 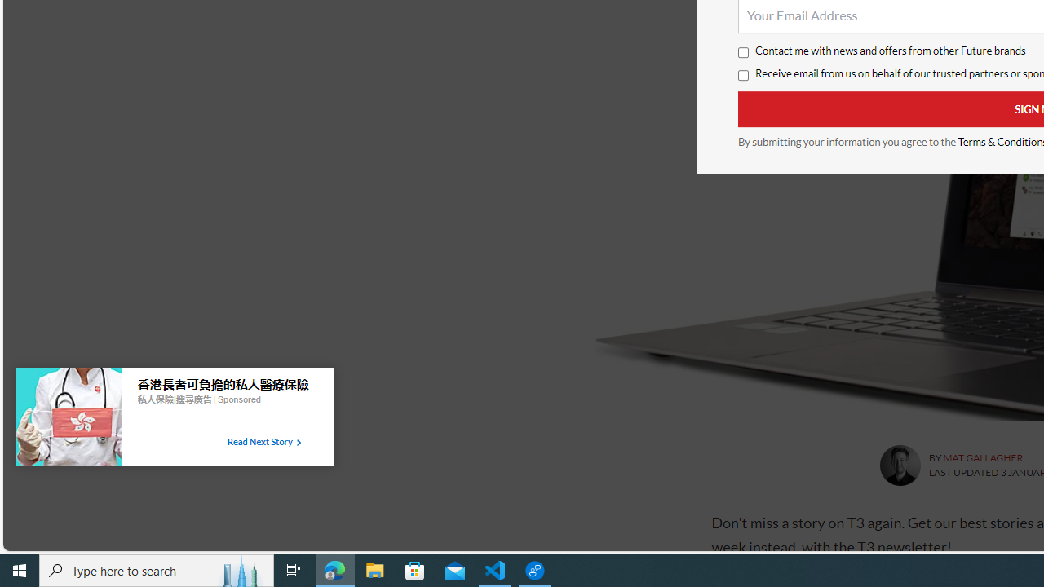 What do you see at coordinates (899, 466) in the screenshot?
I see `'Mat Gallagher'` at bounding box center [899, 466].